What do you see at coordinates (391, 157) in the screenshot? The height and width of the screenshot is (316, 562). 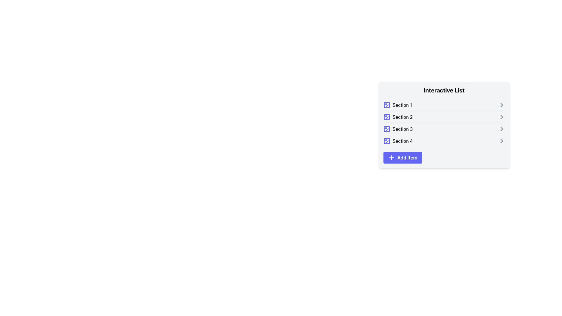 I see `the plus sign icon located next to the 'Add Item' button at the bottom of the 'Interactive List' panel` at bounding box center [391, 157].